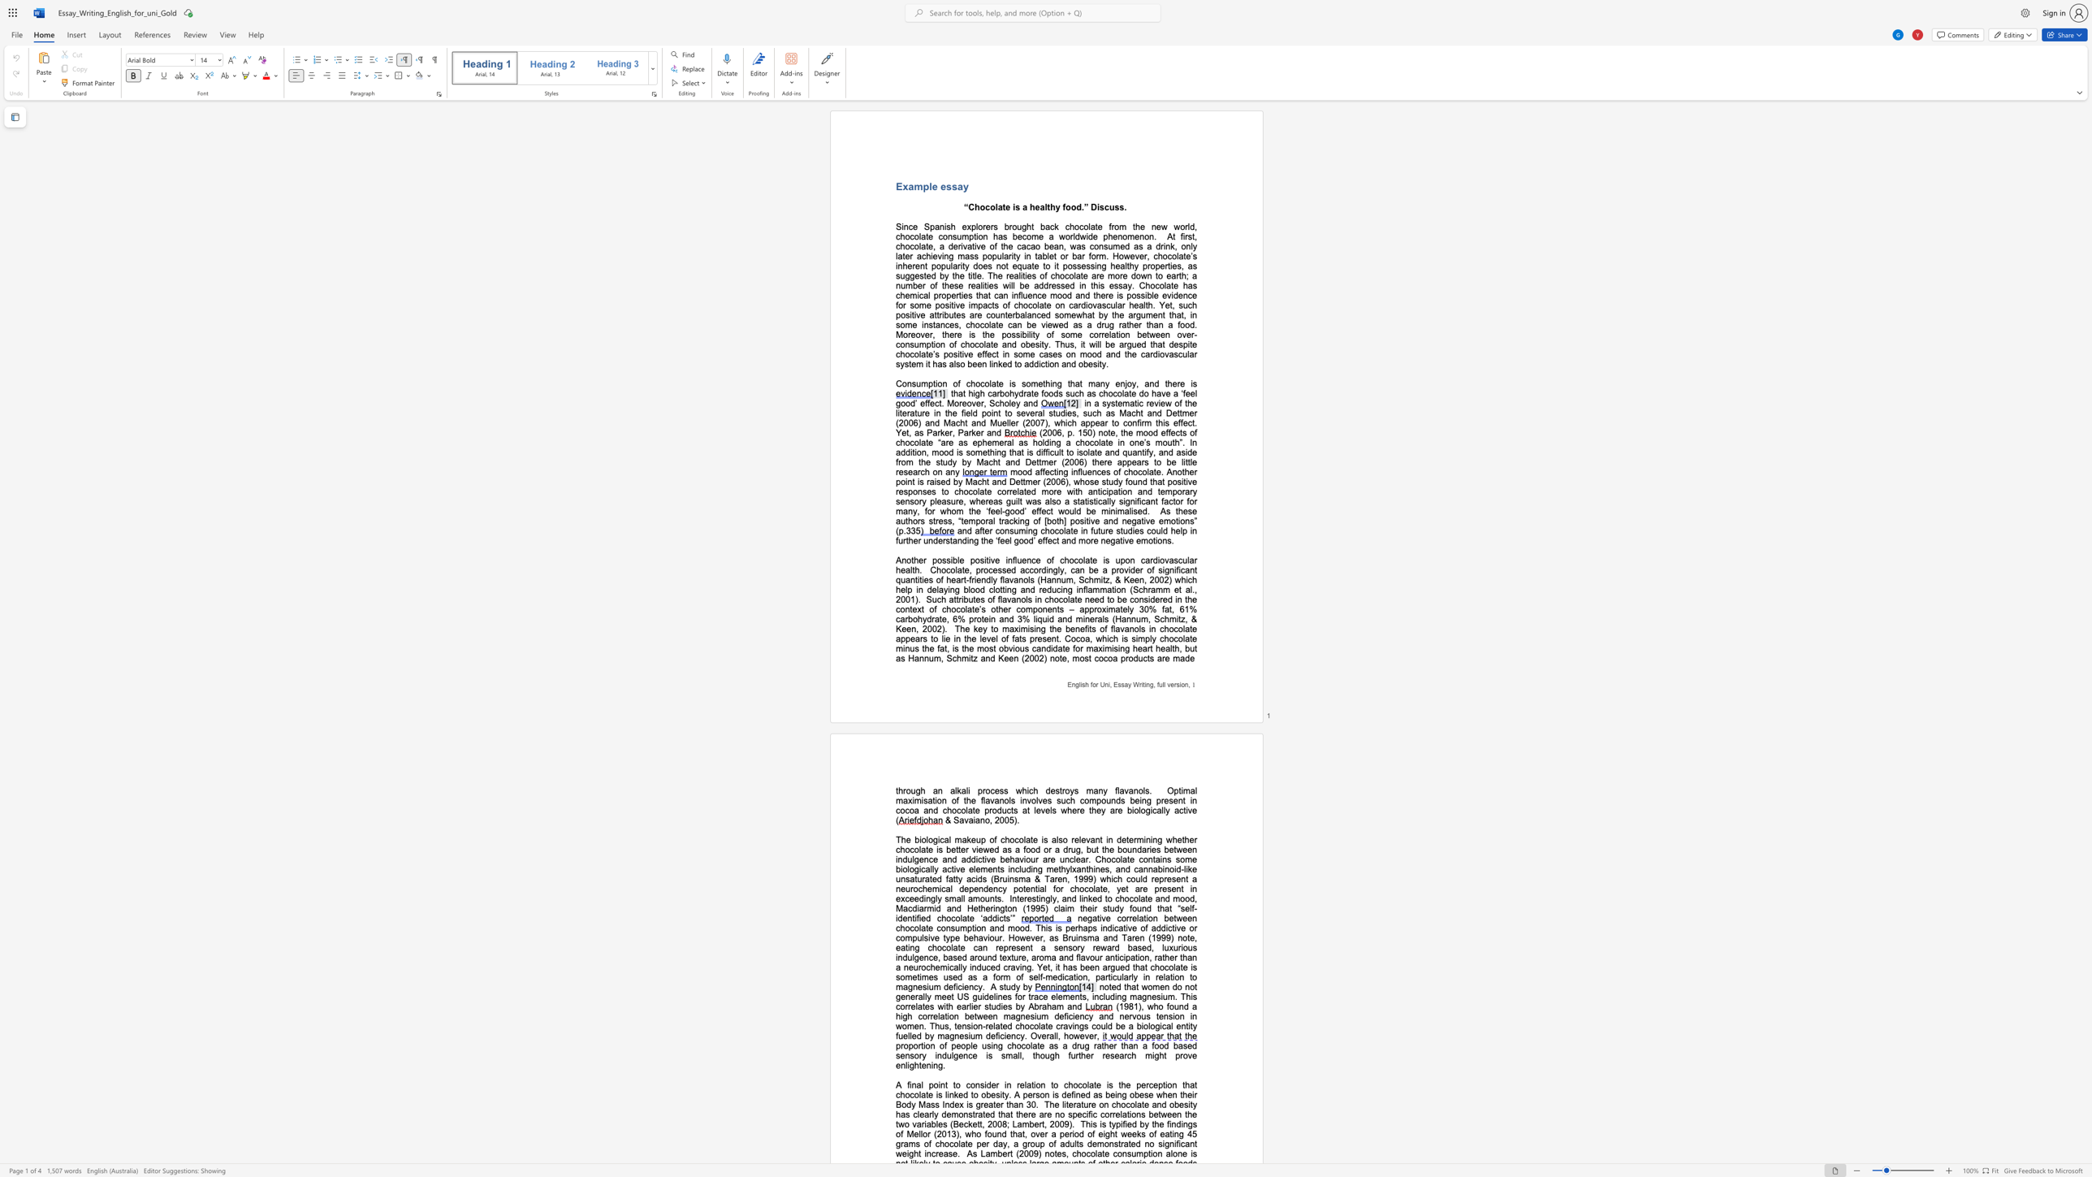 The height and width of the screenshot is (1177, 2092). Describe the element at coordinates (1166, 294) in the screenshot. I see `the subset text "vide" within the text "possible evidence"` at that location.